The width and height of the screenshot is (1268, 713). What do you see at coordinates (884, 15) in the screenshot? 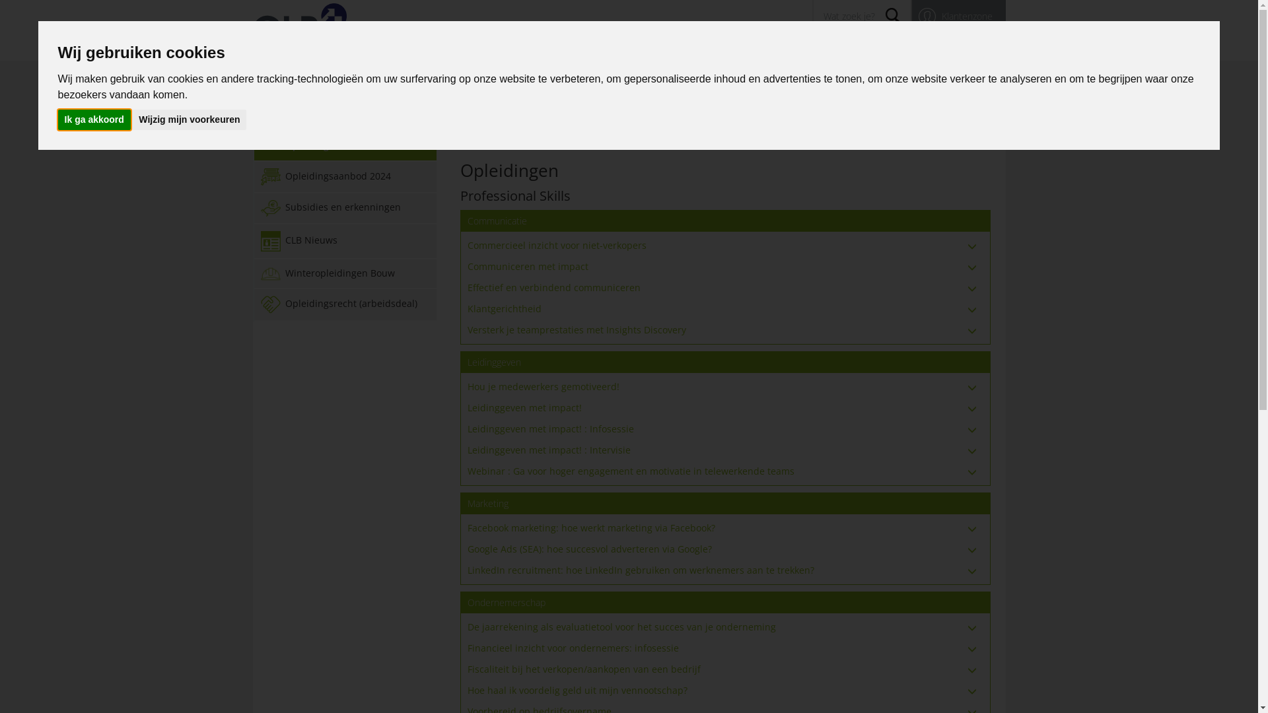
I see `'Search'` at bounding box center [884, 15].